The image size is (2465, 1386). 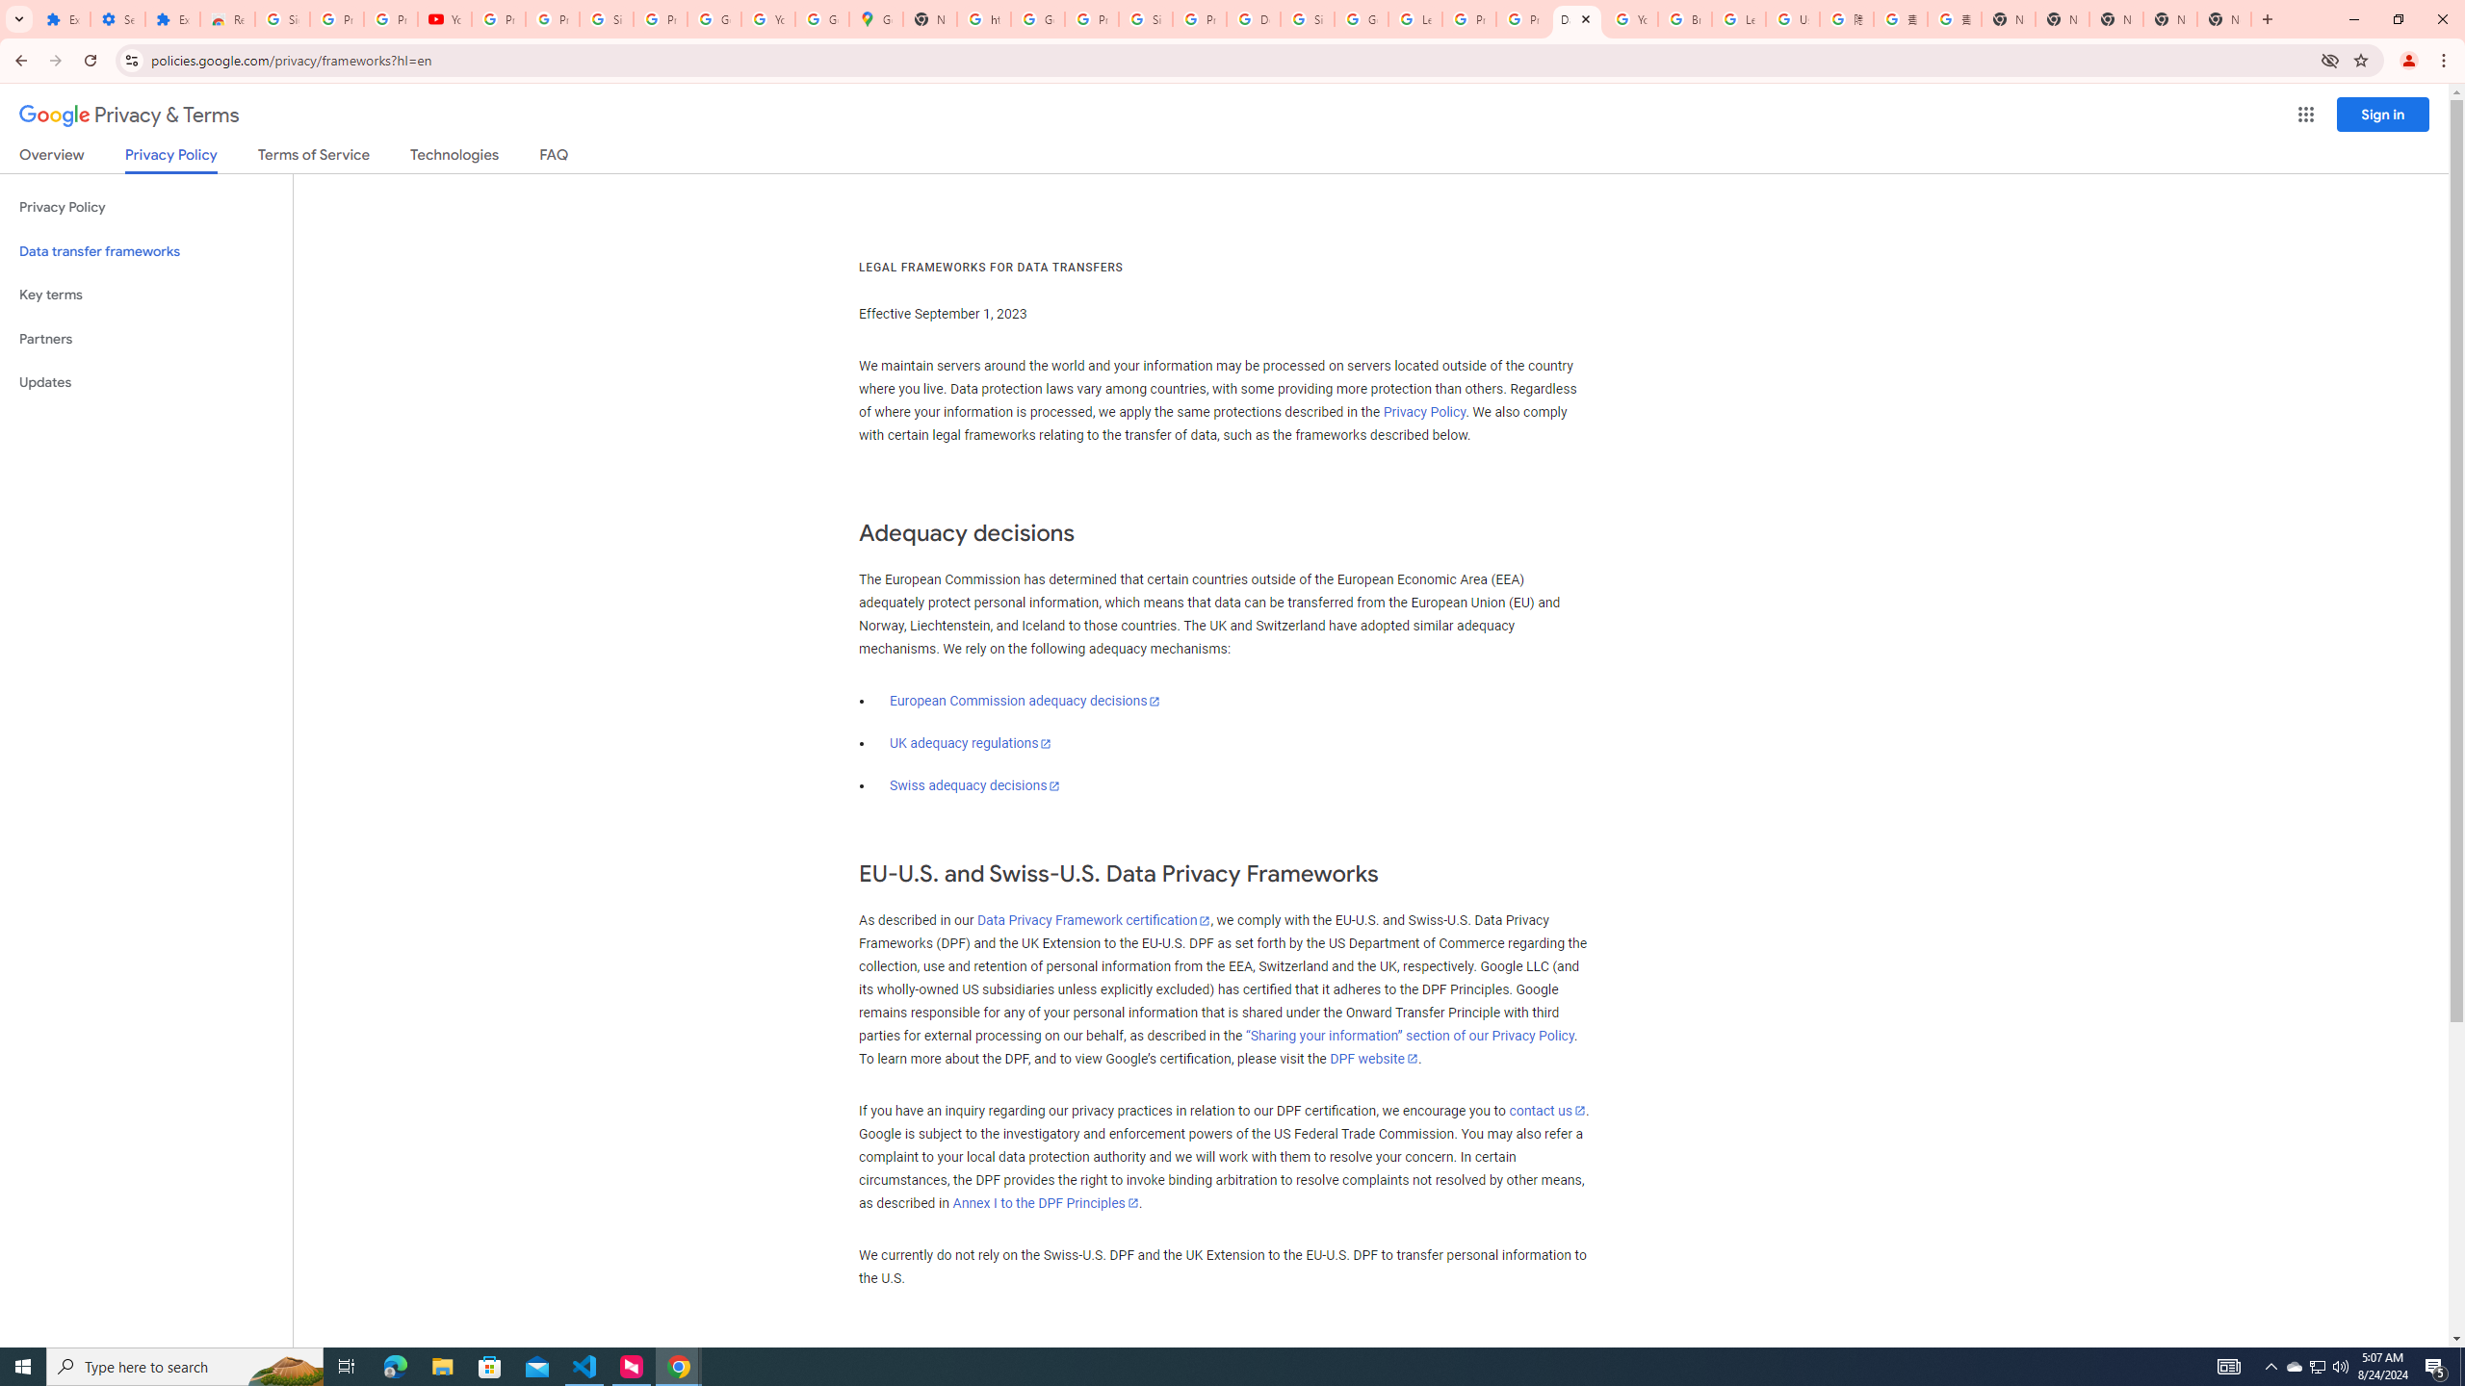 I want to click on 'Privacy Help Center - Policies Help', so click(x=1522, y=18).